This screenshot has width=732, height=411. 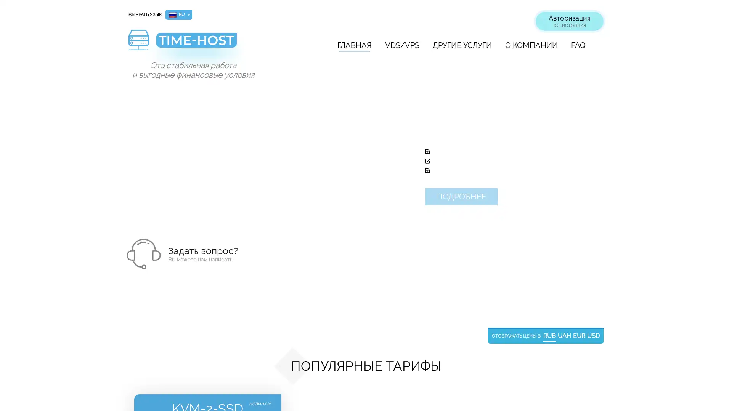 What do you see at coordinates (178, 54) in the screenshot?
I see `pt PT` at bounding box center [178, 54].